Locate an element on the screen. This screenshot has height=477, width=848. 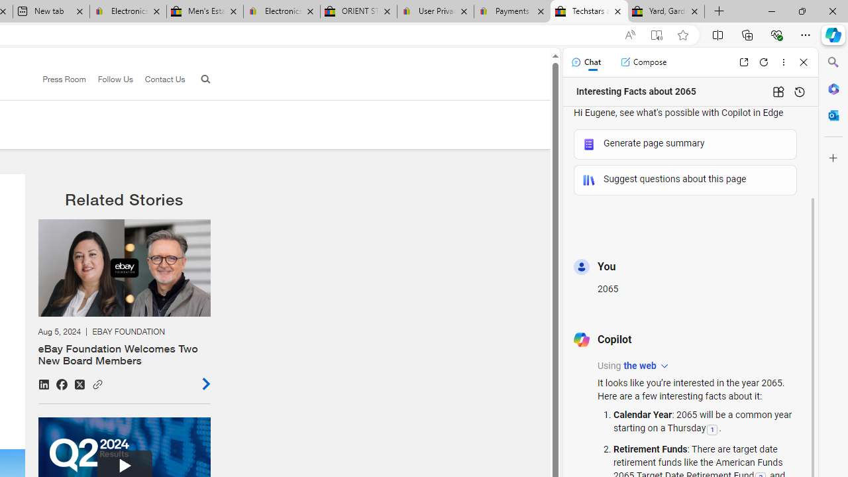
'Chat' is located at coordinates (585, 62).